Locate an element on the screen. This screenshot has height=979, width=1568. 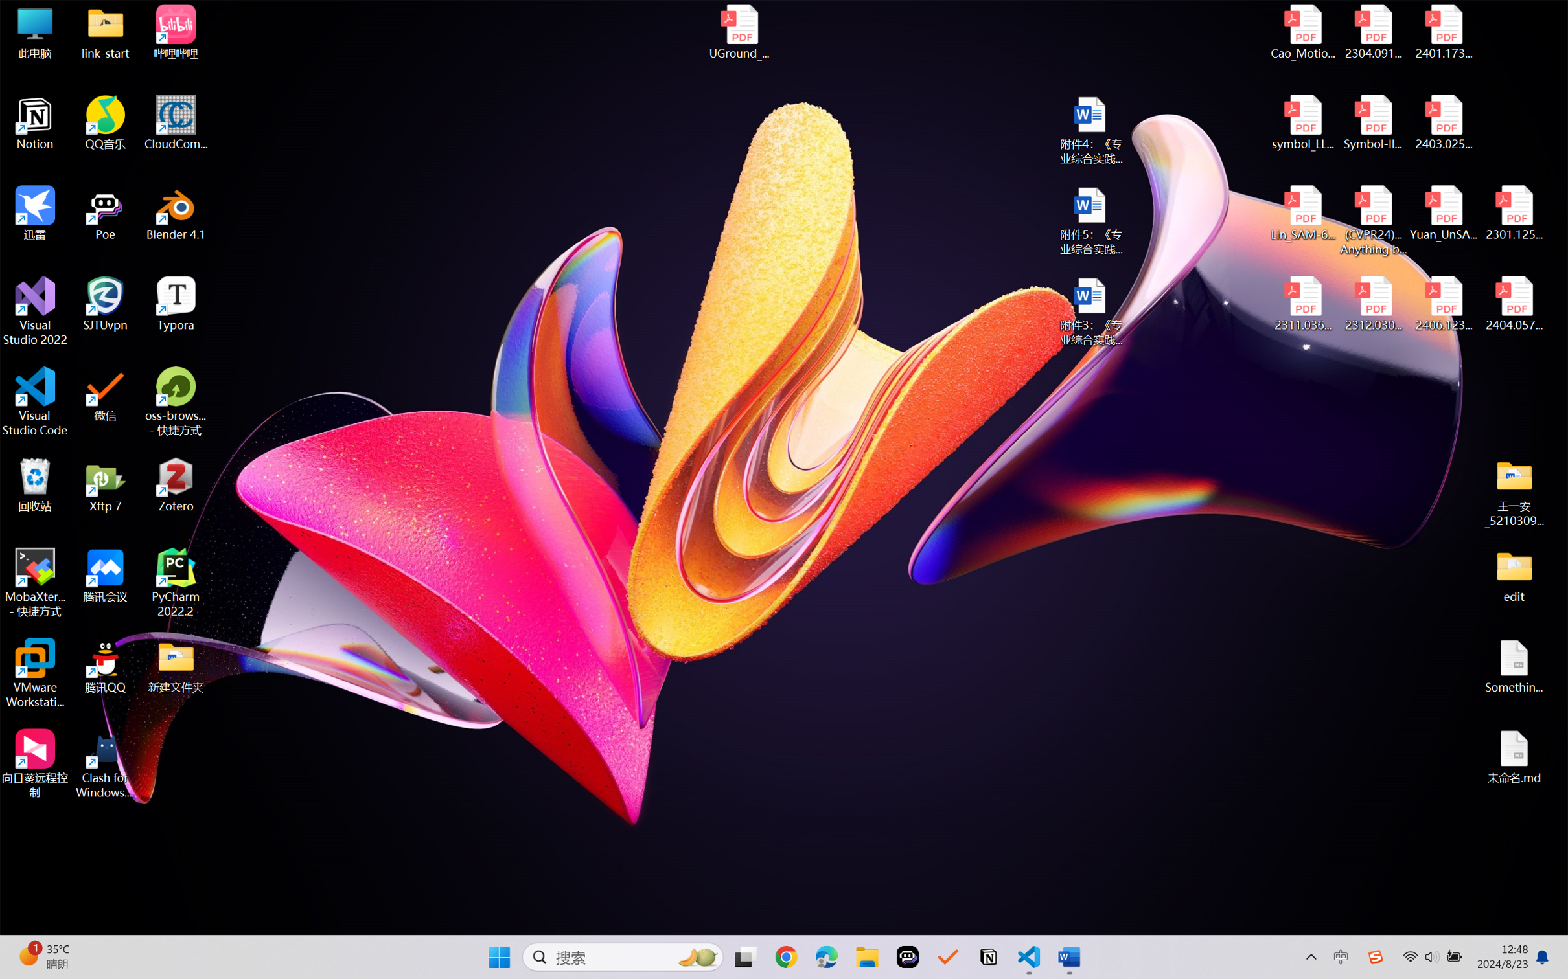
'Visual Studio Code' is located at coordinates (34, 401).